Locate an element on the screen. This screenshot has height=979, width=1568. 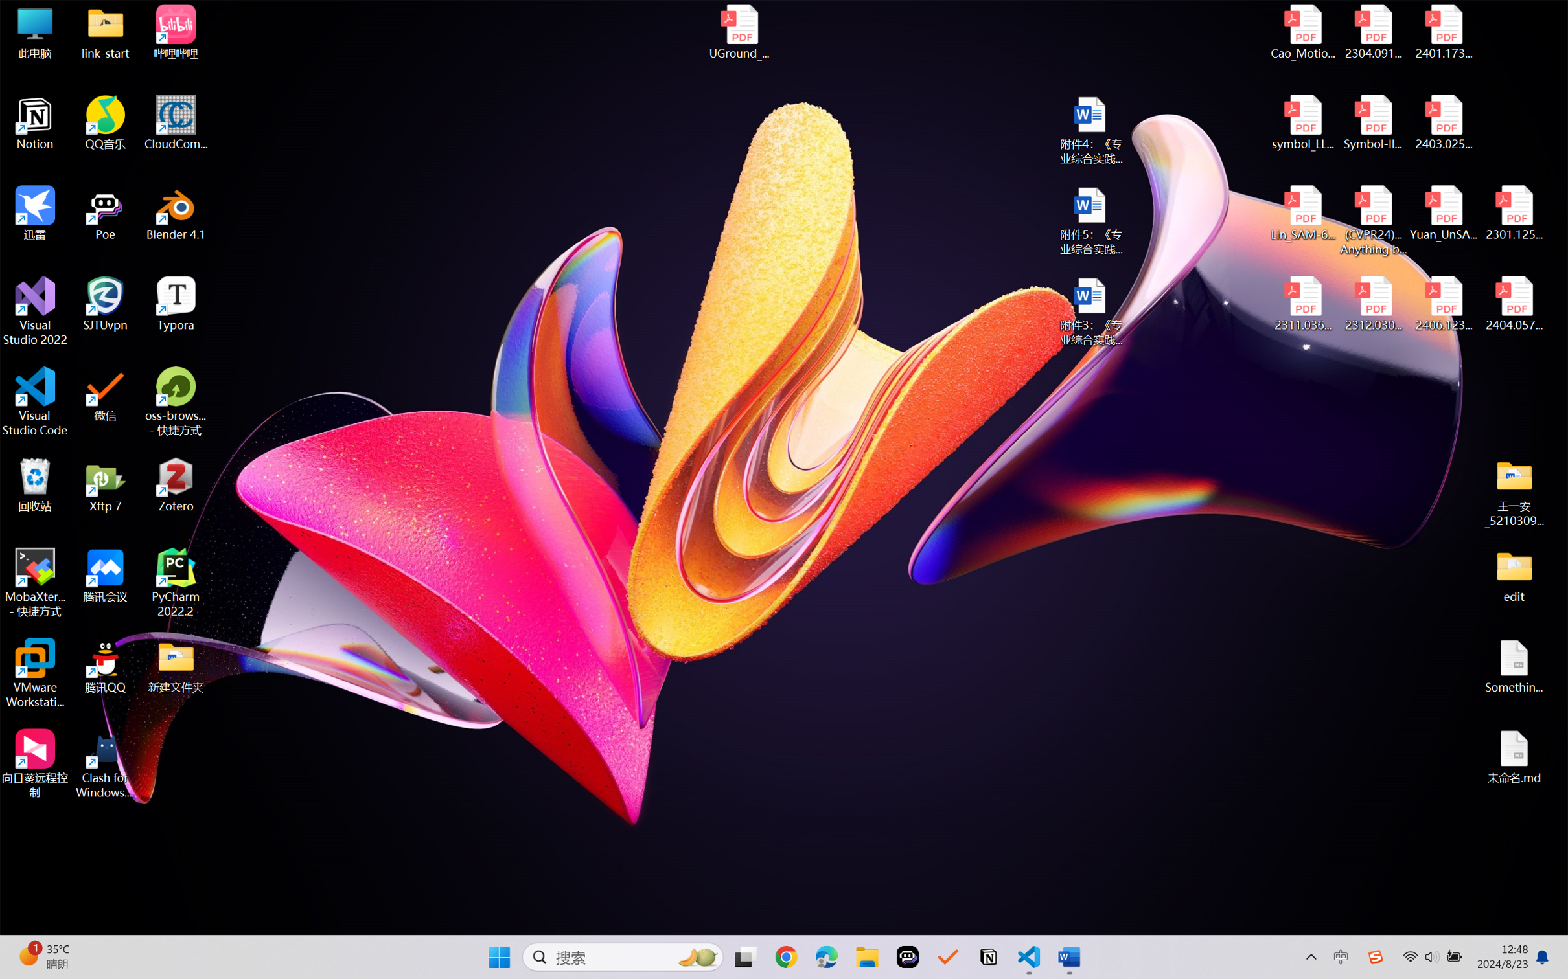
'Visual Studio Code' is located at coordinates (34, 401).